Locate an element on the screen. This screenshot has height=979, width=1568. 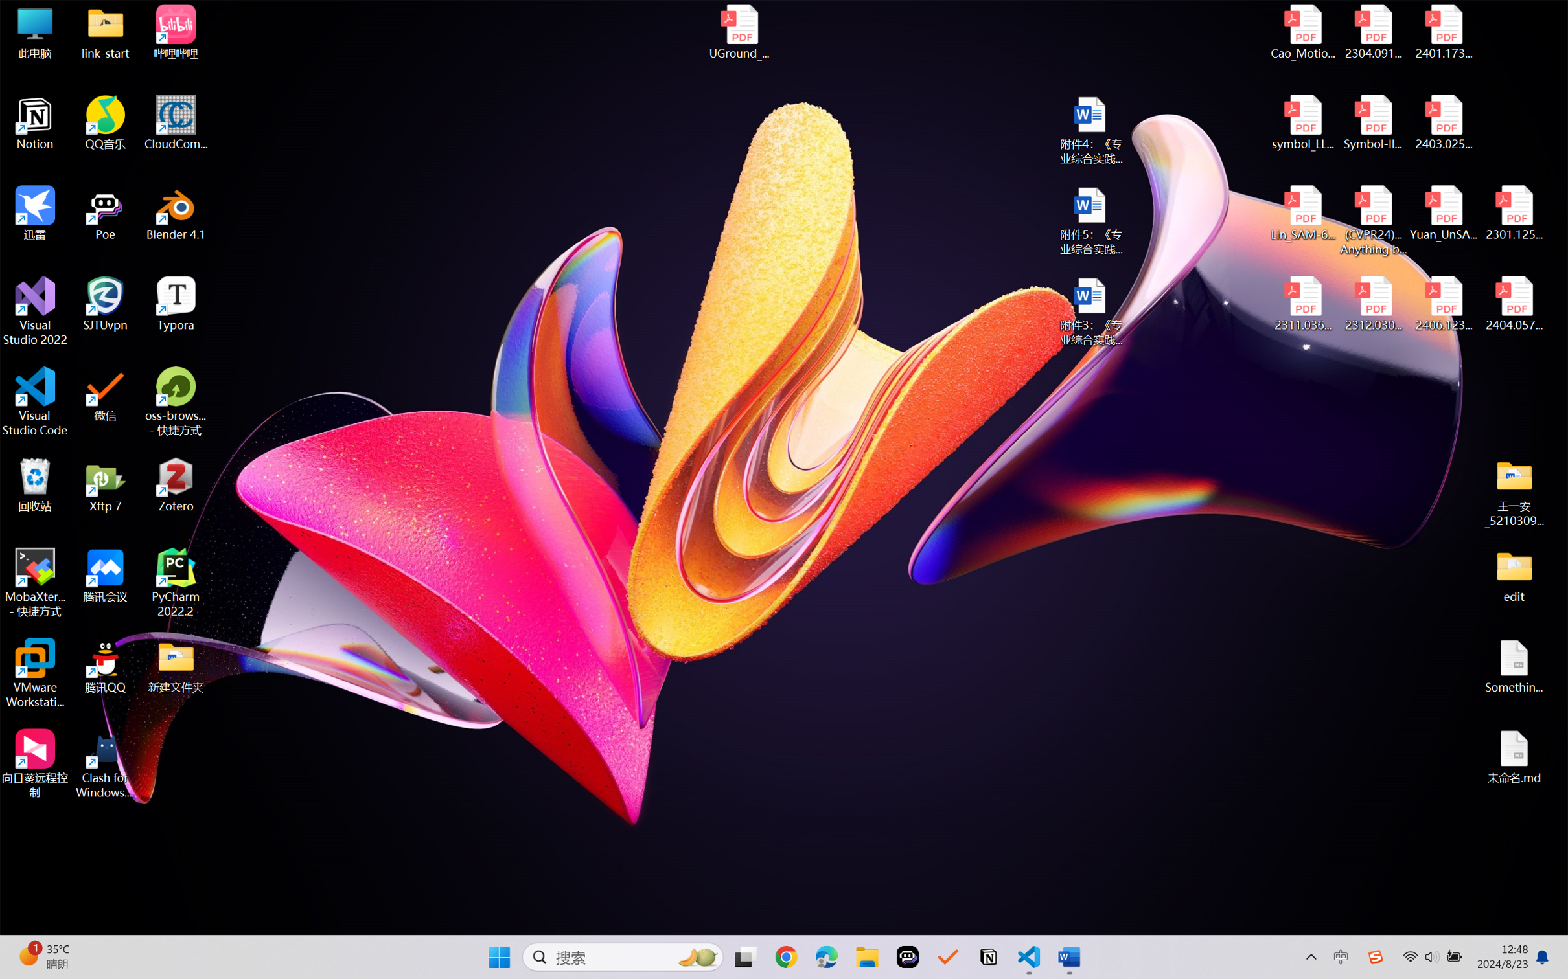
'Visual Studio Code' is located at coordinates (34, 401).